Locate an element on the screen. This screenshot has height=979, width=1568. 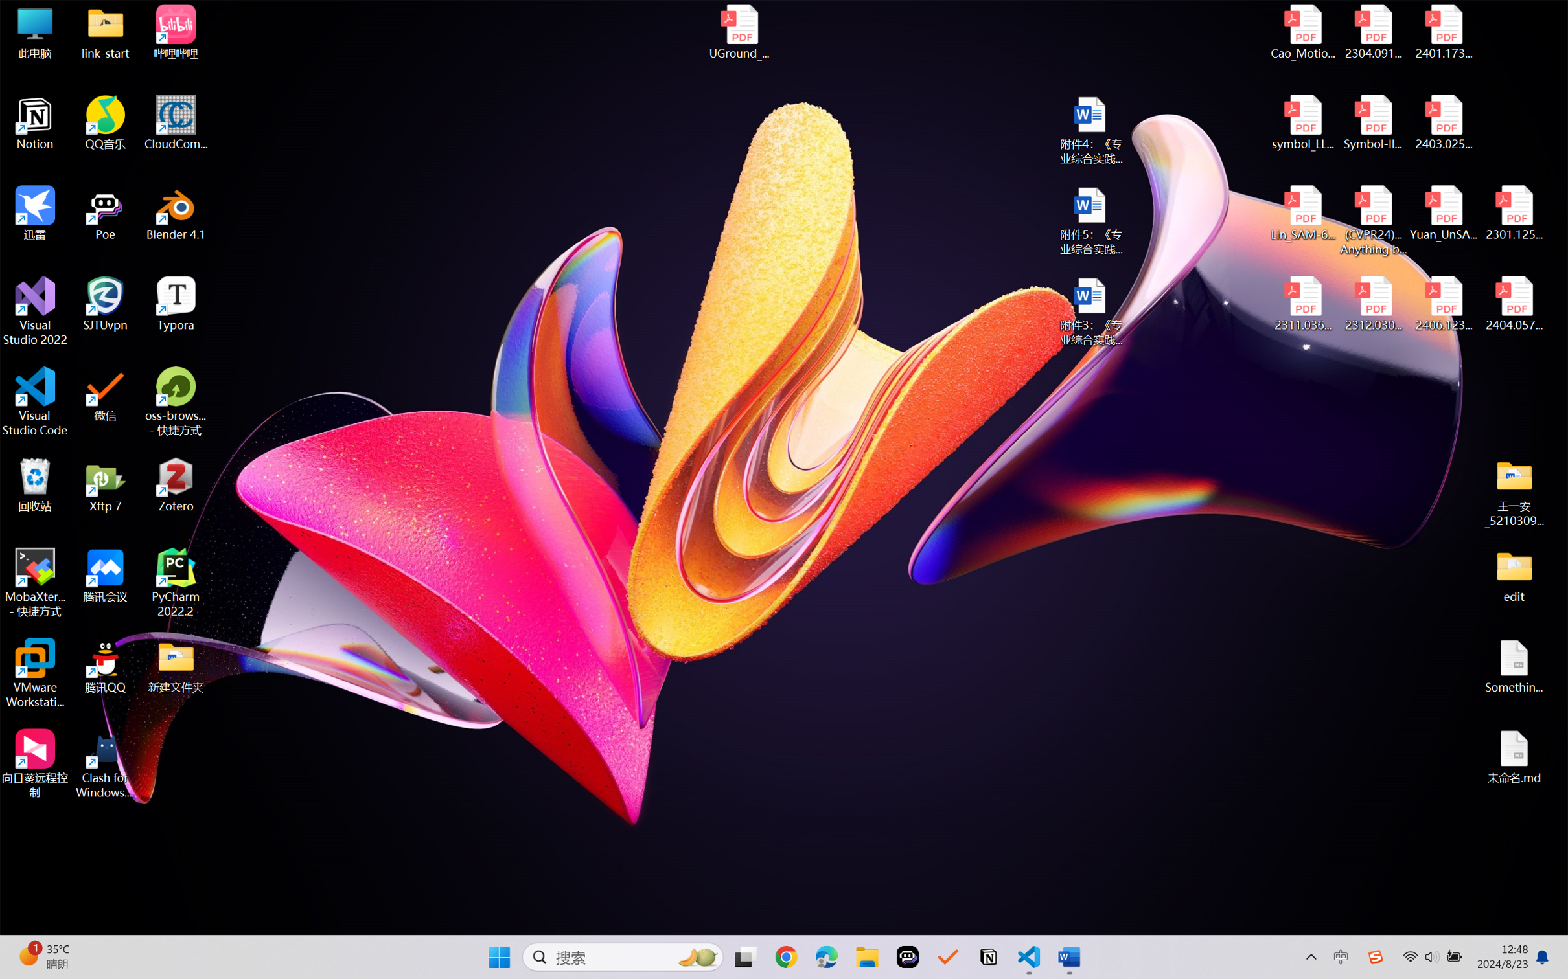
'Visual Studio Code' is located at coordinates (34, 401).